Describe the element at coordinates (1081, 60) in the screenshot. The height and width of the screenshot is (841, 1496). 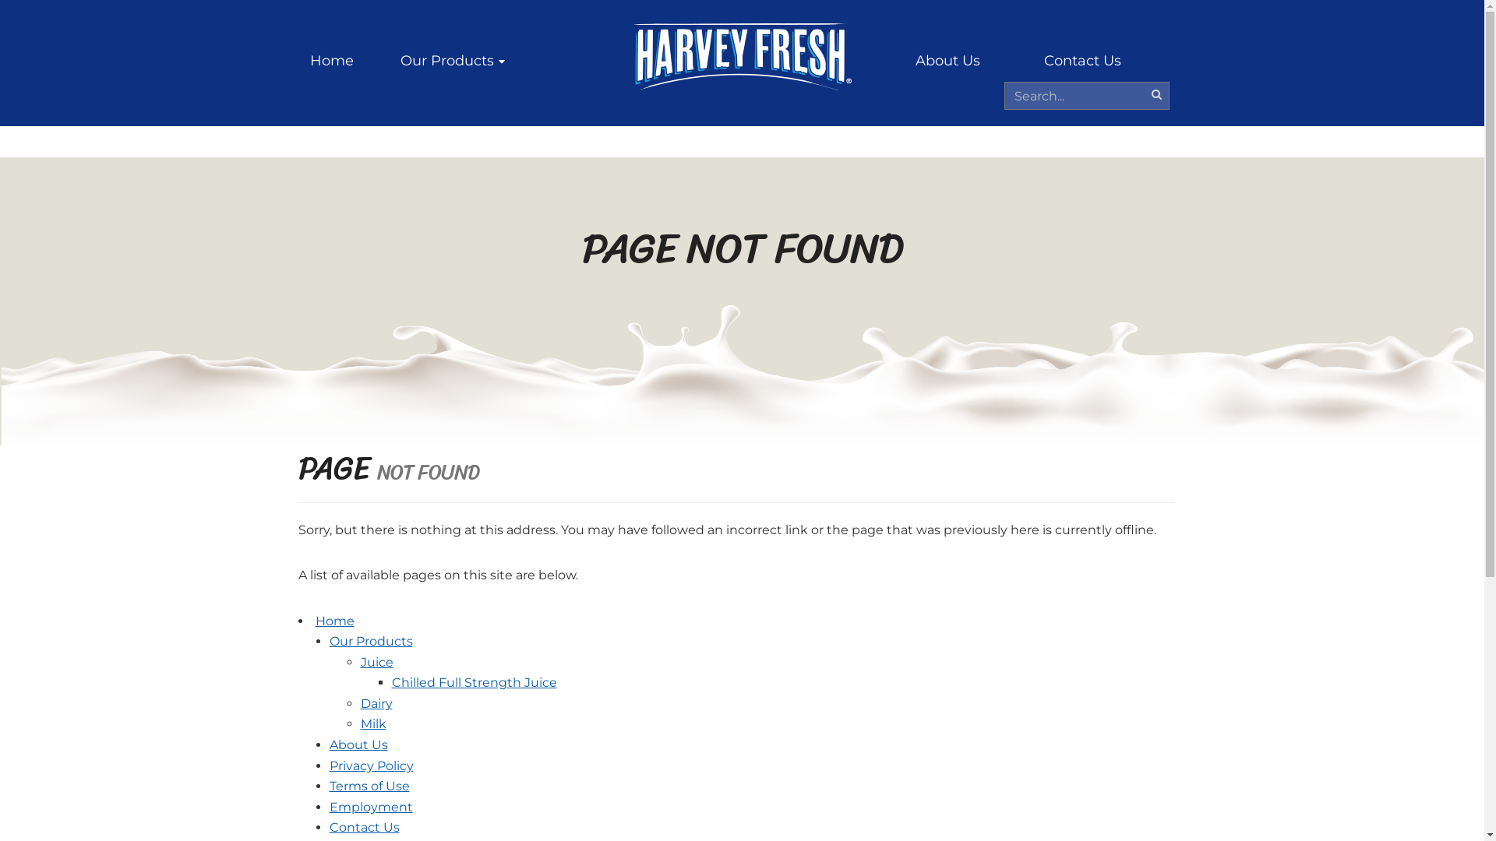
I see `'Contact Us'` at that location.